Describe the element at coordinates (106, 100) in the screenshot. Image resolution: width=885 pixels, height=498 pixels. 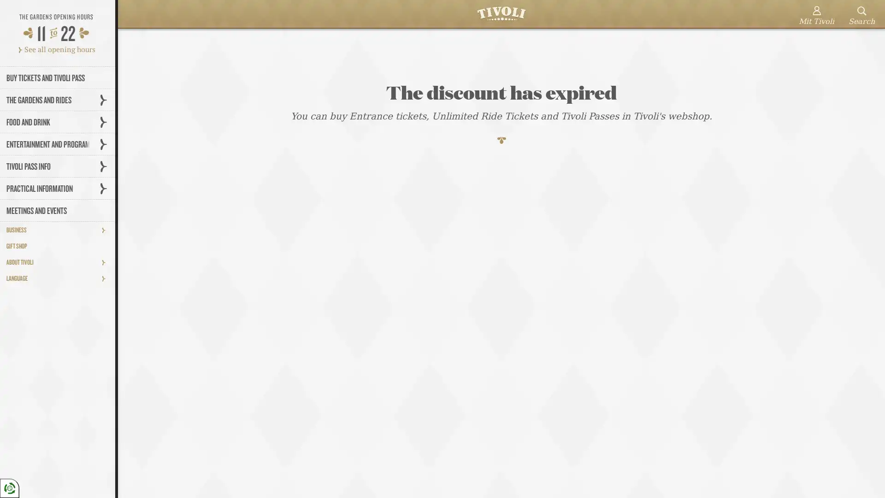
I see `The gardens and rides` at that location.